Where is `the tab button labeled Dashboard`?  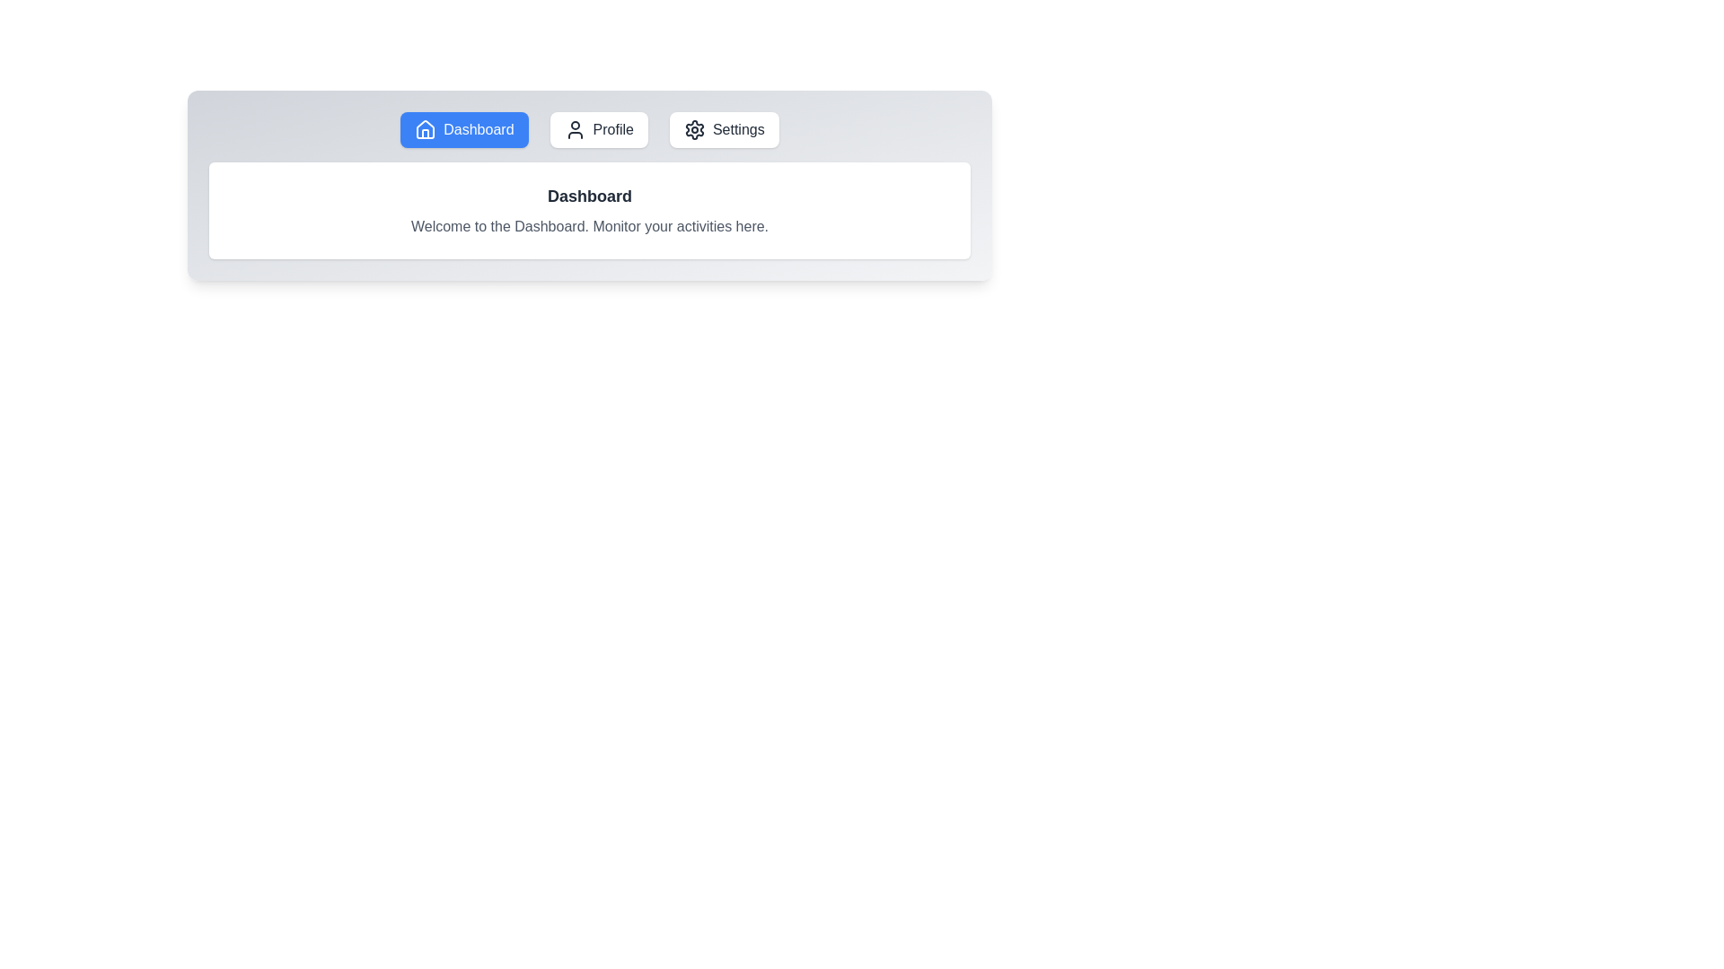 the tab button labeled Dashboard is located at coordinates (464, 129).